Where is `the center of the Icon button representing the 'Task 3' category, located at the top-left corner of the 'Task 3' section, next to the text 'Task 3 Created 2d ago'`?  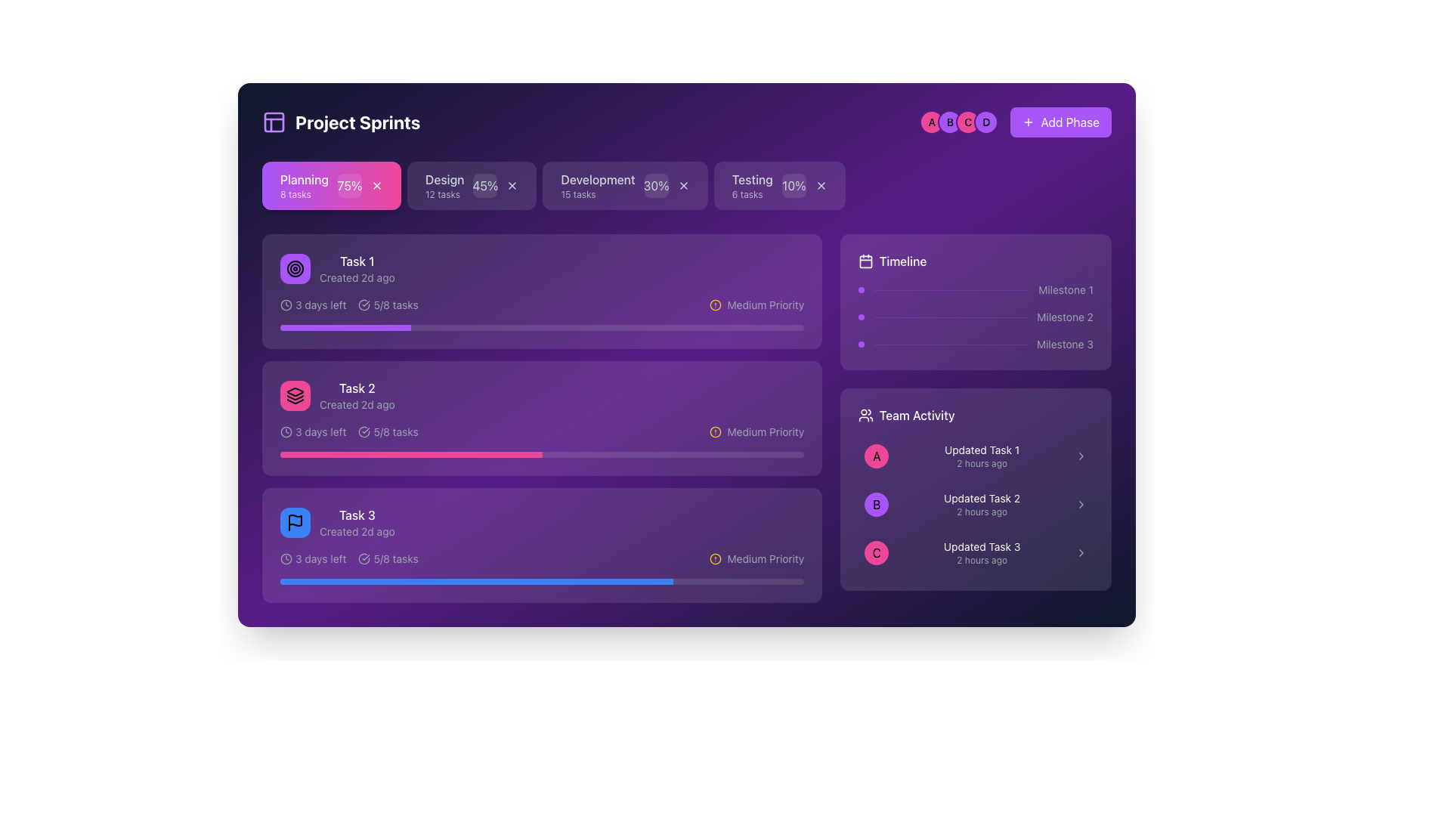 the center of the Icon button representing the 'Task 3' category, located at the top-left corner of the 'Task 3' section, next to the text 'Task 3 Created 2d ago' is located at coordinates (295, 521).